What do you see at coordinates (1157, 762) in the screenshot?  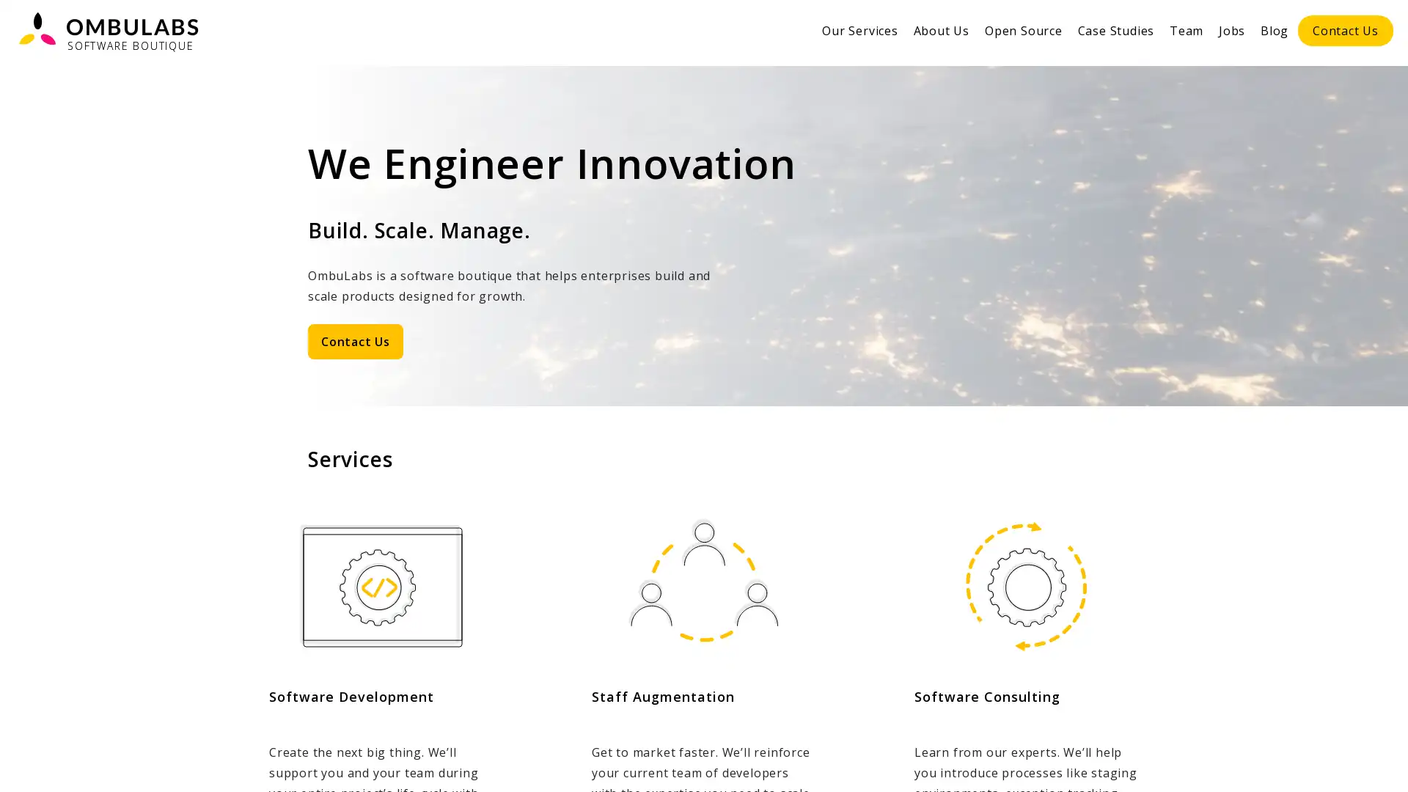 I see `Customize` at bounding box center [1157, 762].